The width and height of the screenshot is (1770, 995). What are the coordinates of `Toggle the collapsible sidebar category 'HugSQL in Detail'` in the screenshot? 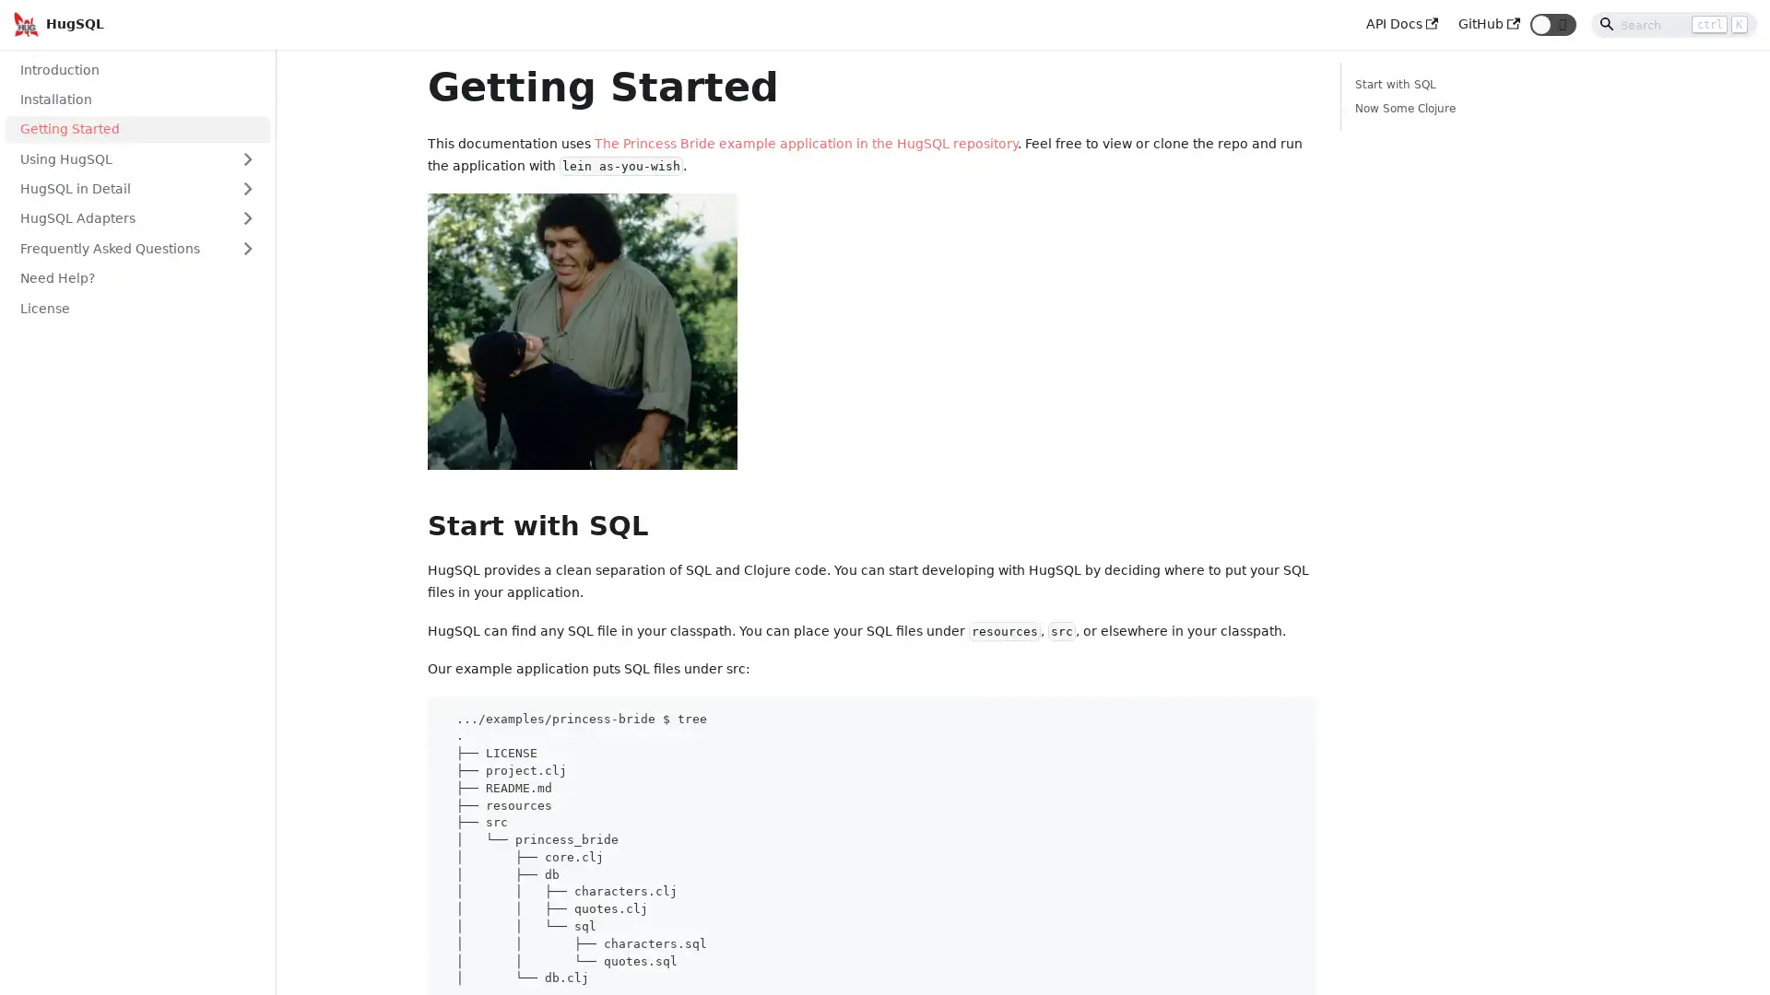 It's located at (246, 188).